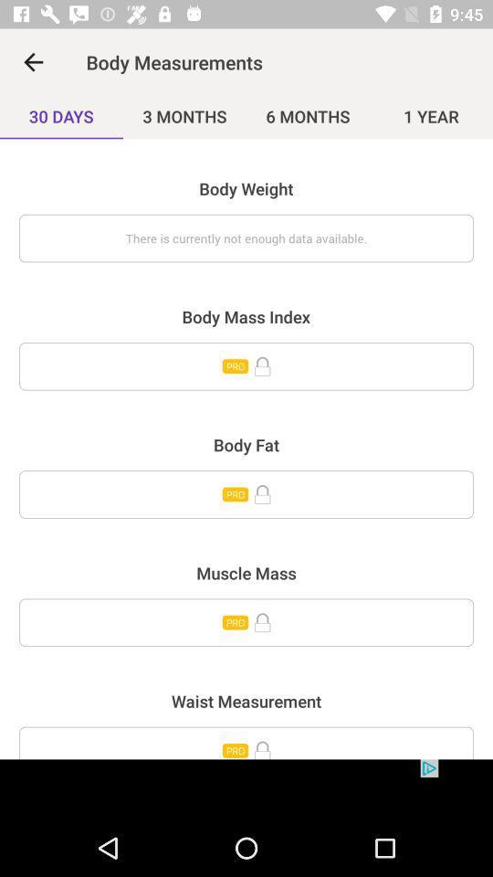  I want to click on menu page, so click(246, 365).